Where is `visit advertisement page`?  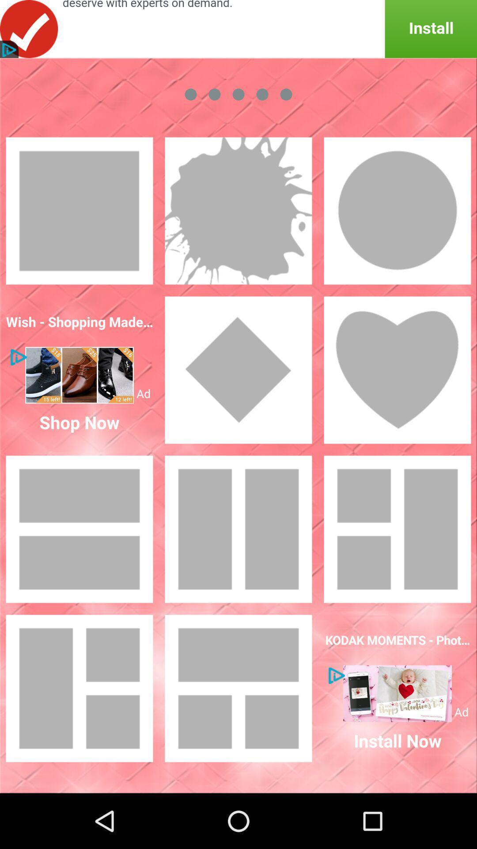
visit advertisement page is located at coordinates (79, 375).